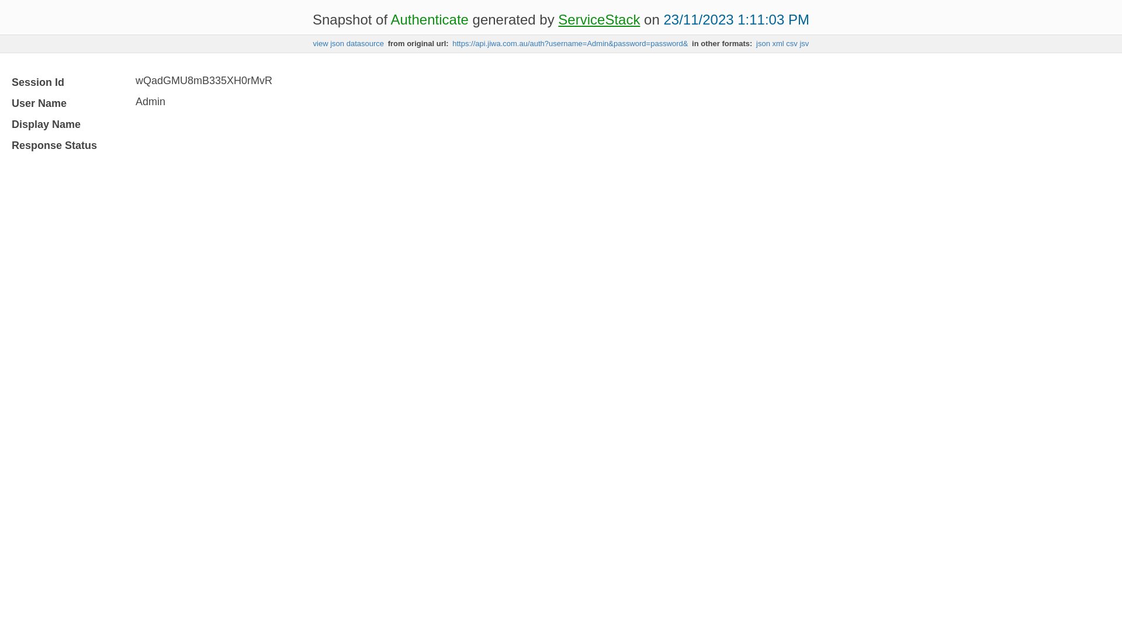 The width and height of the screenshot is (1122, 631). Describe the element at coordinates (763, 43) in the screenshot. I see `'json'` at that location.